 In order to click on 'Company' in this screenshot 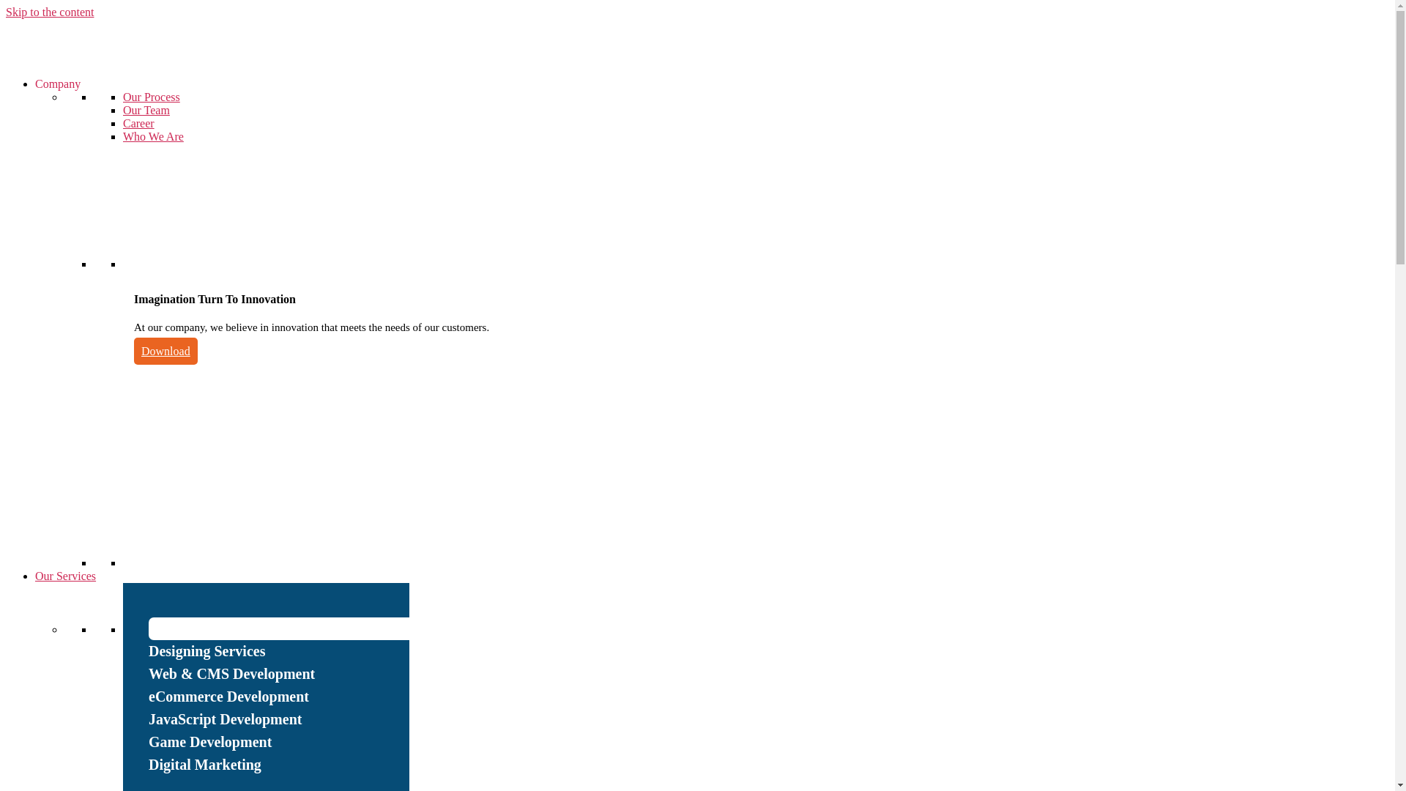, I will do `click(35, 83)`.